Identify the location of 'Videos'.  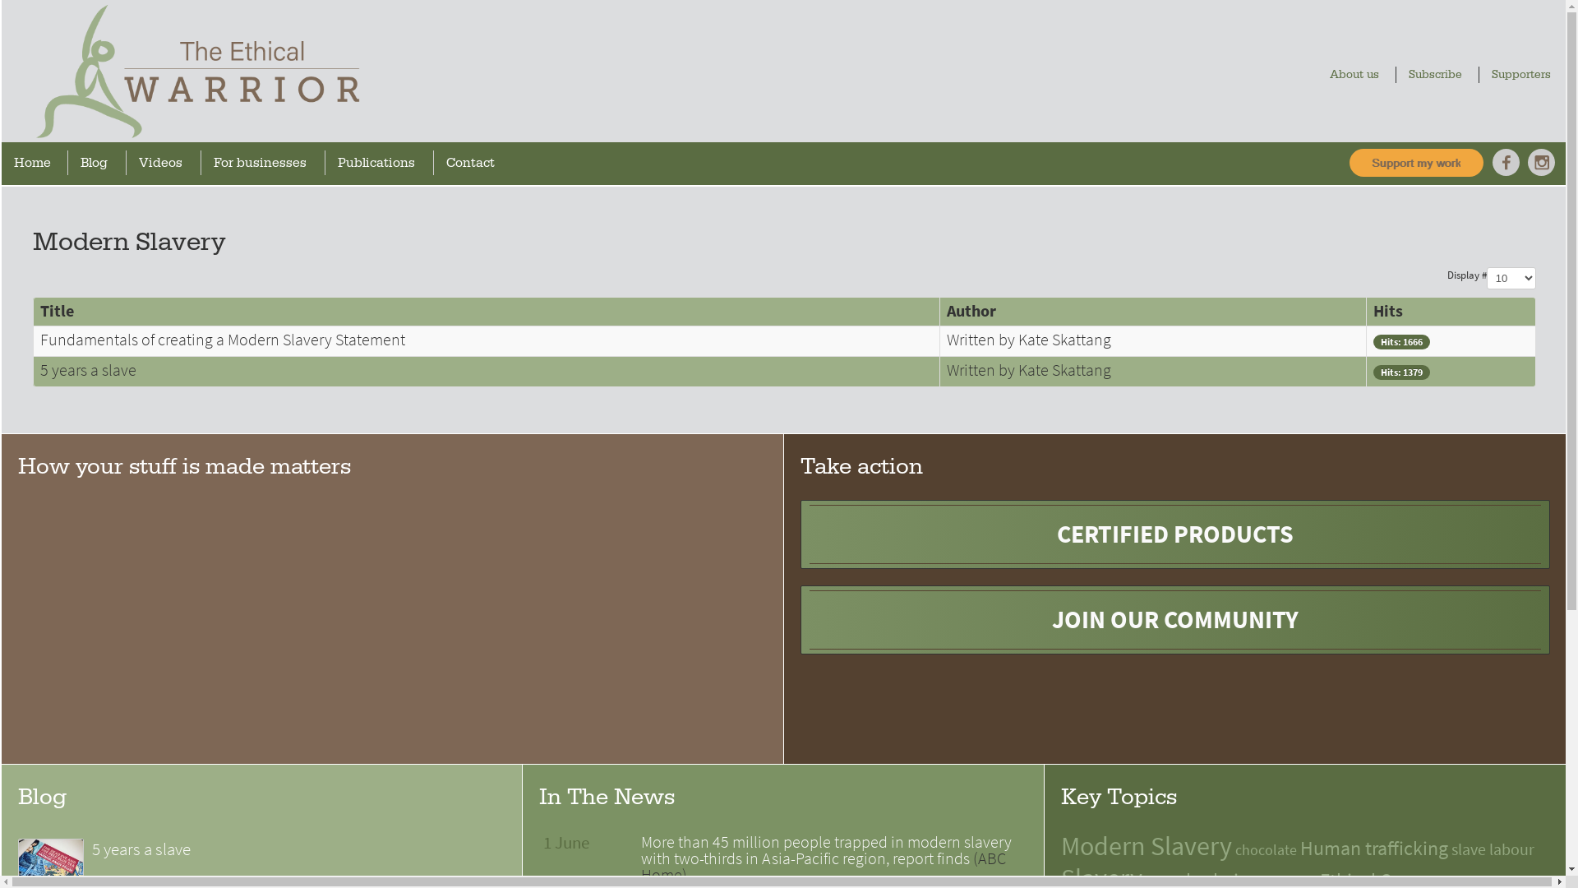
(165, 162).